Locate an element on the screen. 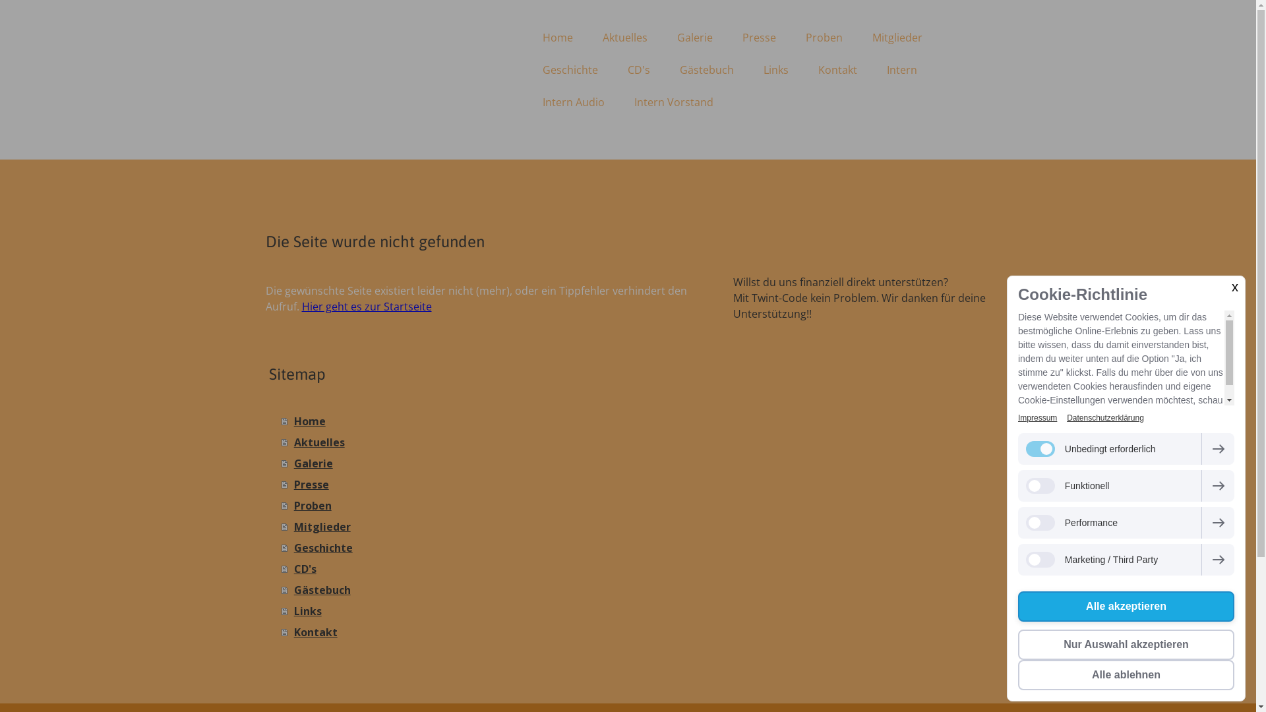  'Intern' is located at coordinates (901, 69).